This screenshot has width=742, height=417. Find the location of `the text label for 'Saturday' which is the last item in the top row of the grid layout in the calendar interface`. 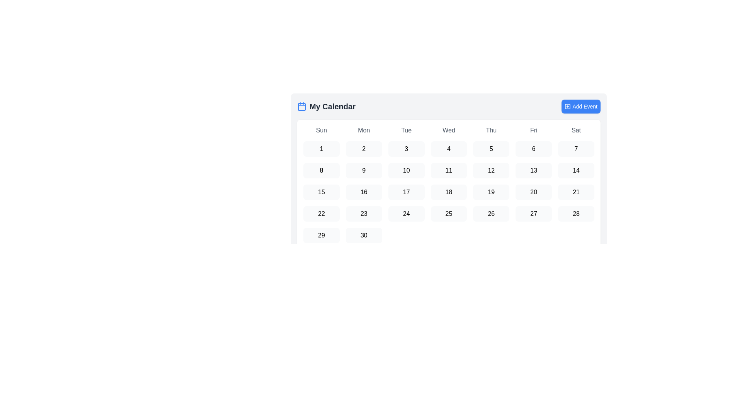

the text label for 'Saturday' which is the last item in the top row of the grid layout in the calendar interface is located at coordinates (576, 130).